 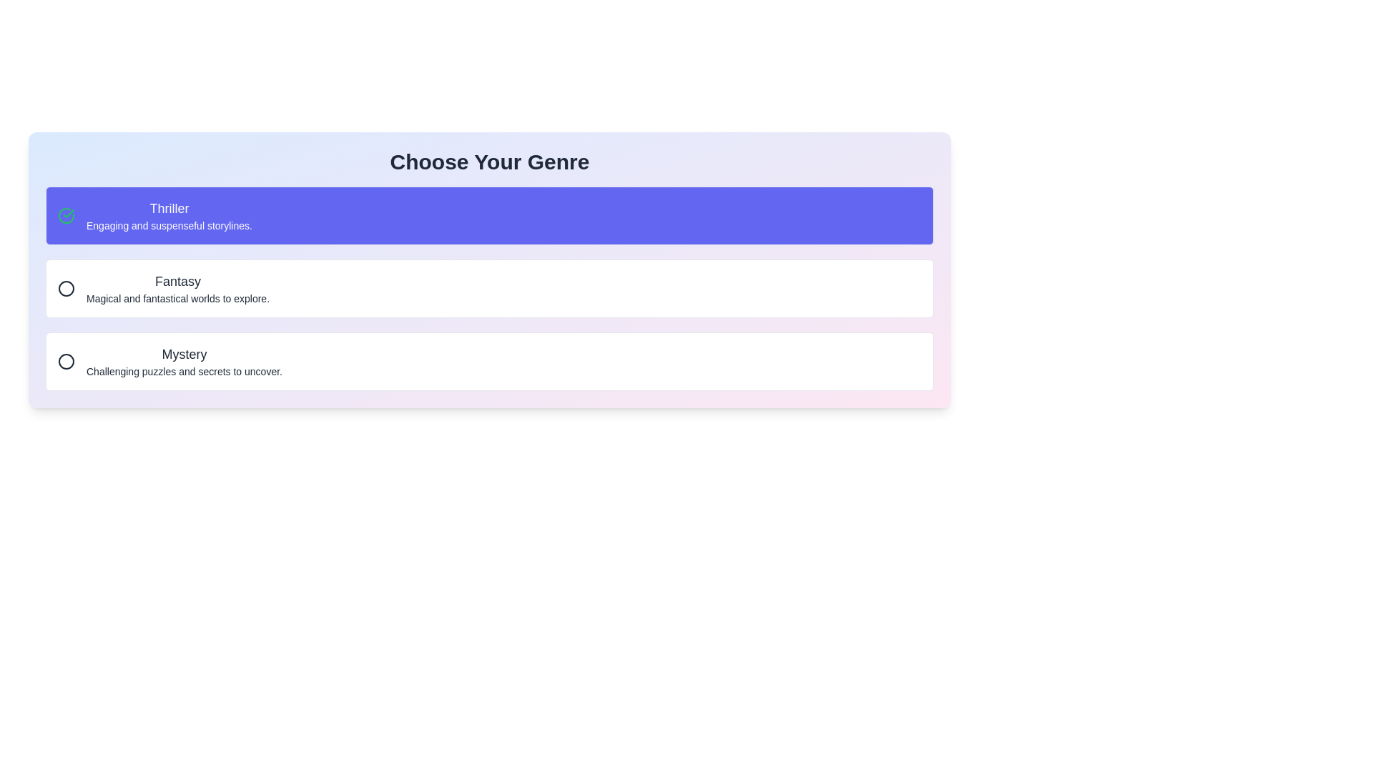 I want to click on the static text label displaying the word 'Mystery', which is prominently styled in bold and dark color, located centrally in the third option of the genre list, so click(x=184, y=354).